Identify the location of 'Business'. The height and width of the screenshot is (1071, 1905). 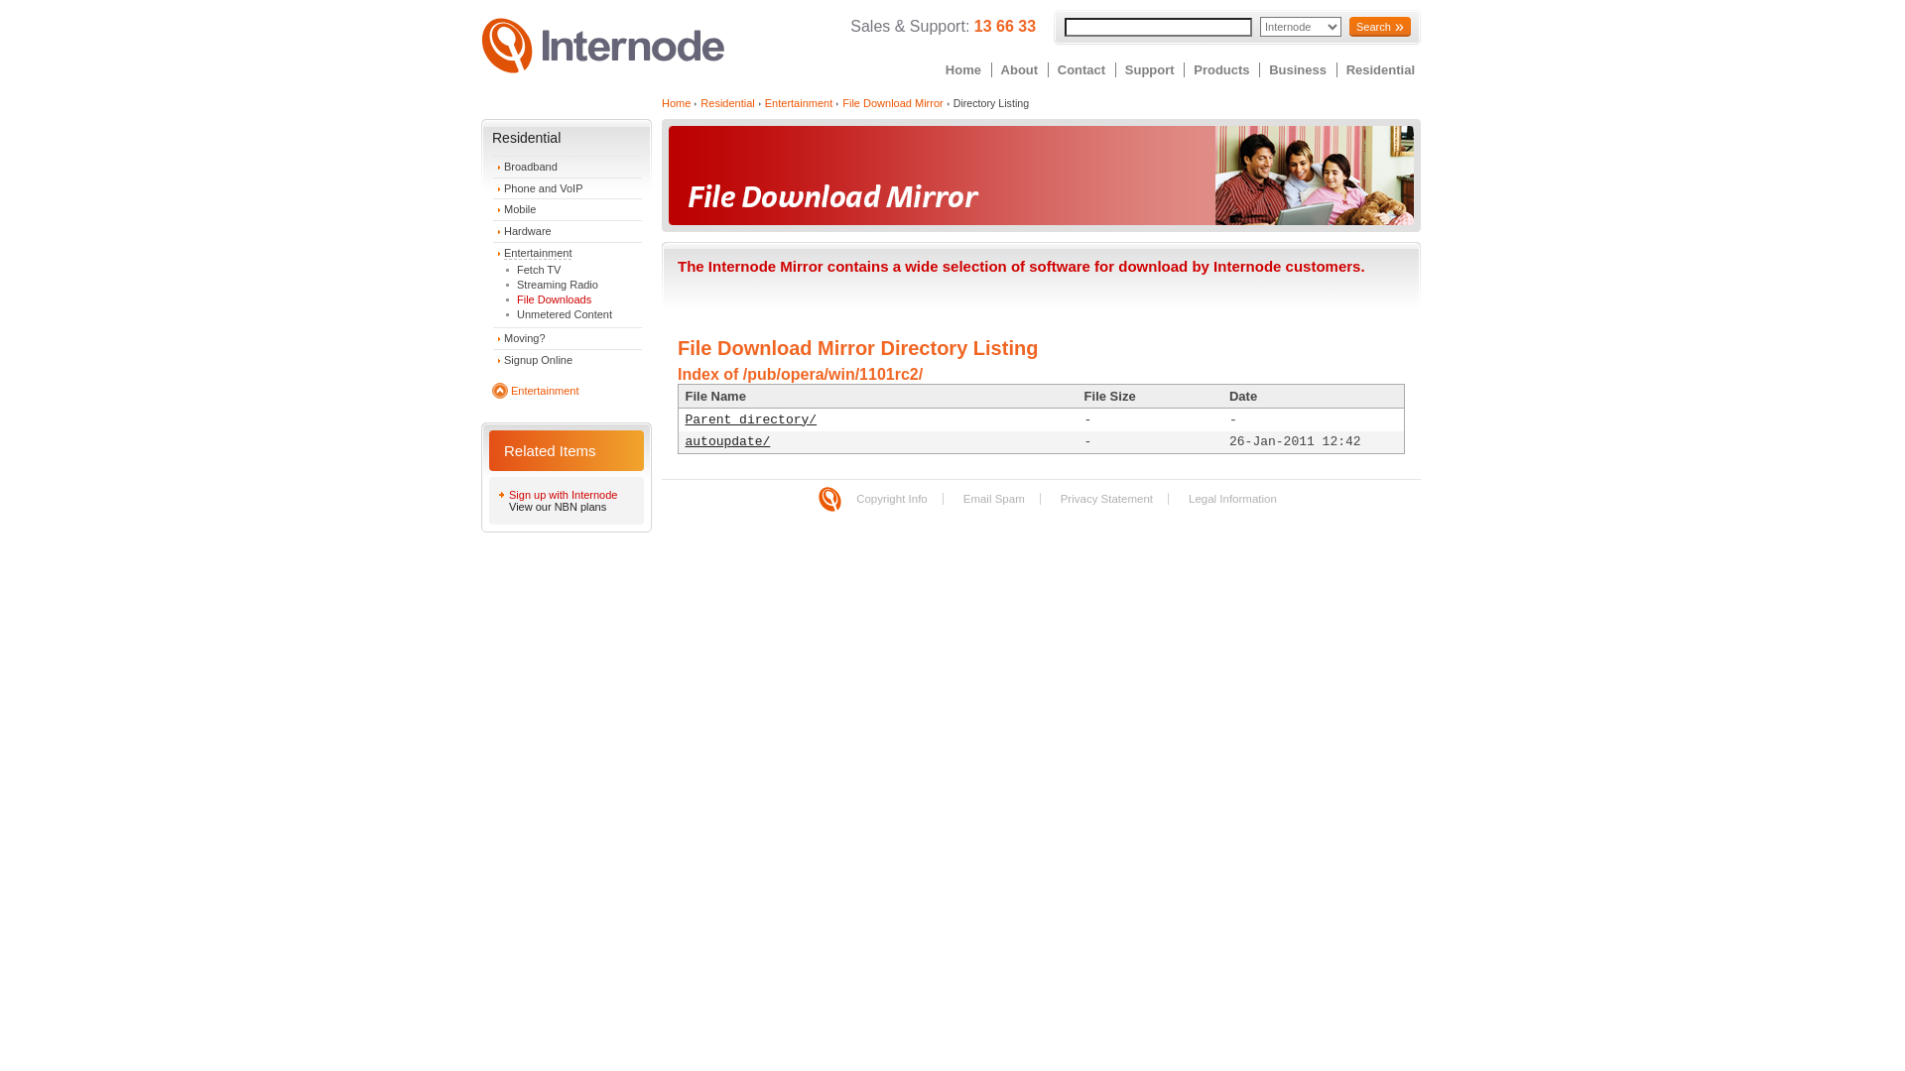
(1298, 68).